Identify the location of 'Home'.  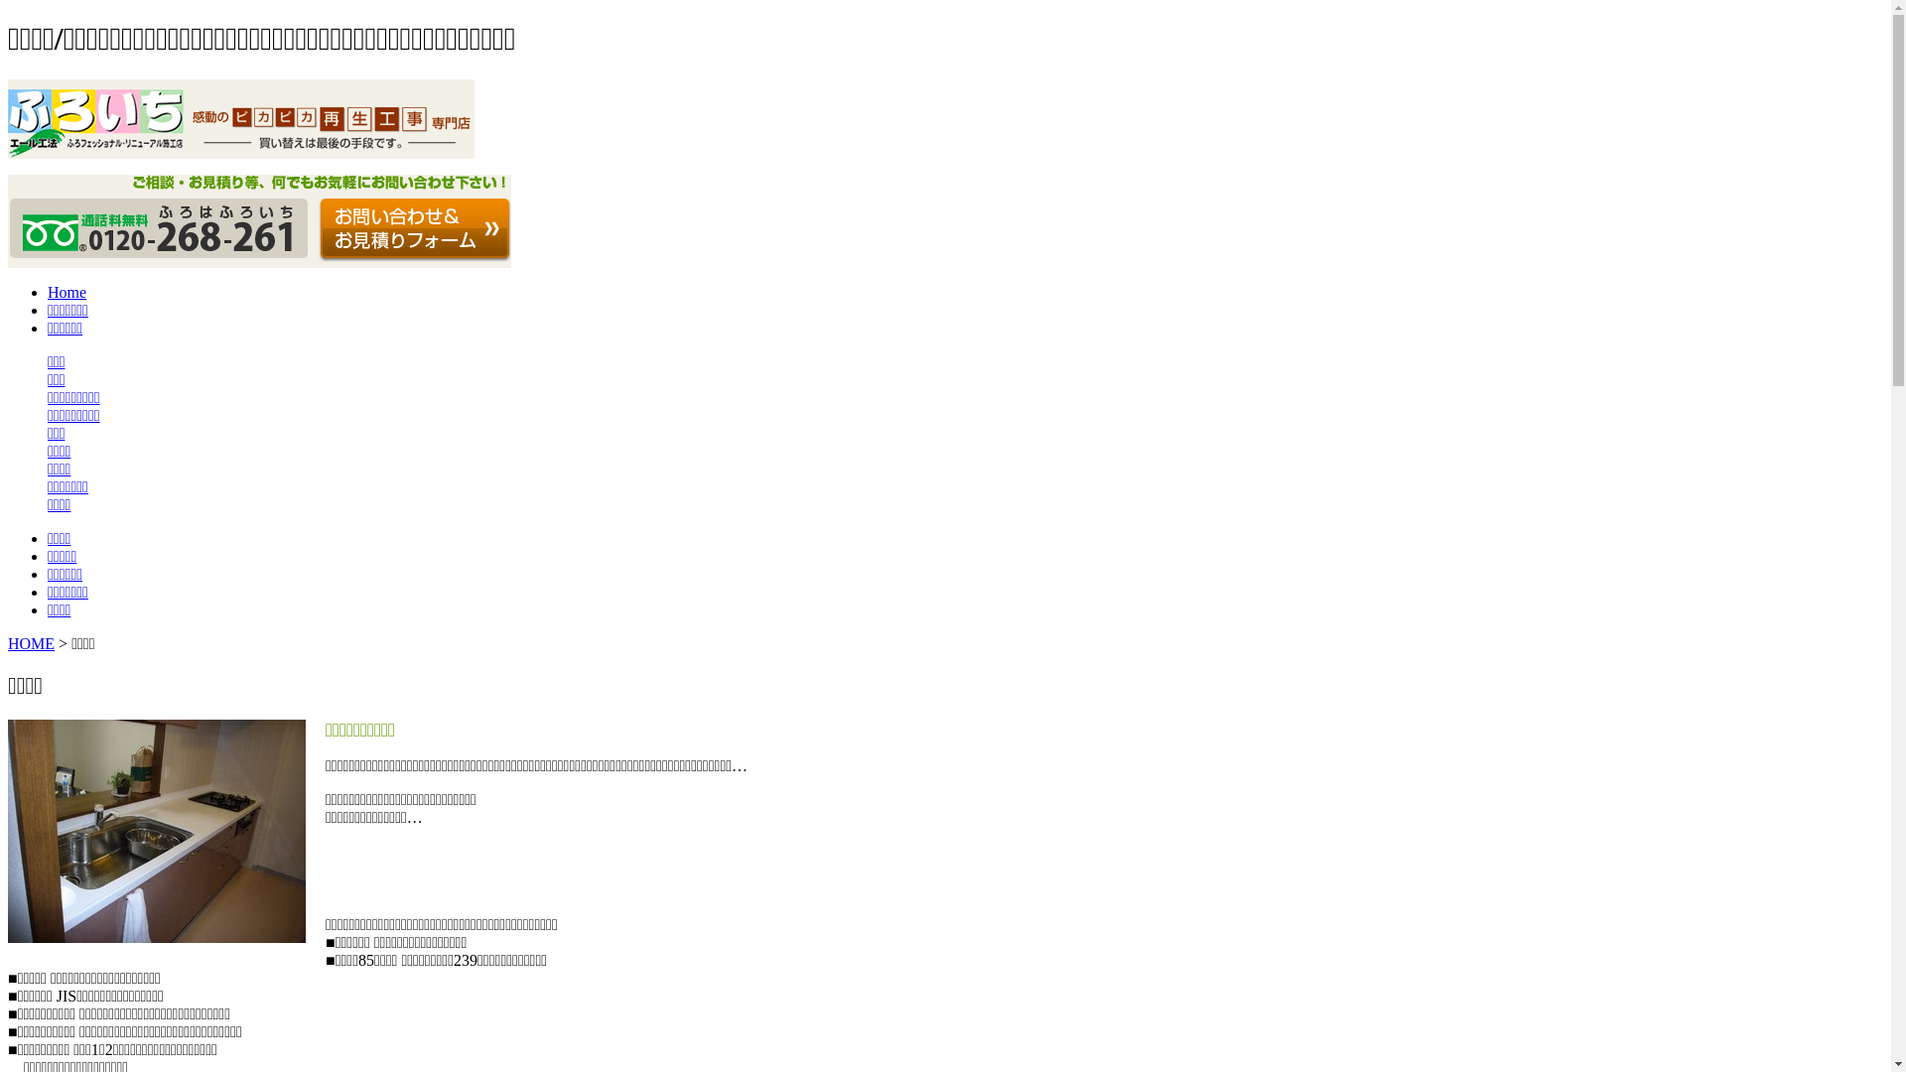
(67, 292).